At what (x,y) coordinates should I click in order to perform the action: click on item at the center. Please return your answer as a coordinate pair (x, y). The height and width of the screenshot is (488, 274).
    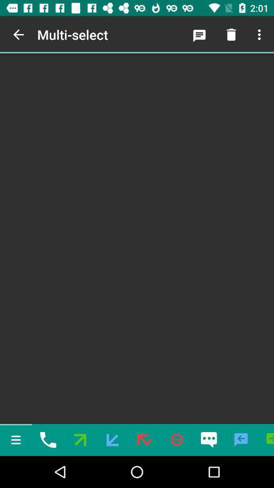
    Looking at the image, I should click on (137, 238).